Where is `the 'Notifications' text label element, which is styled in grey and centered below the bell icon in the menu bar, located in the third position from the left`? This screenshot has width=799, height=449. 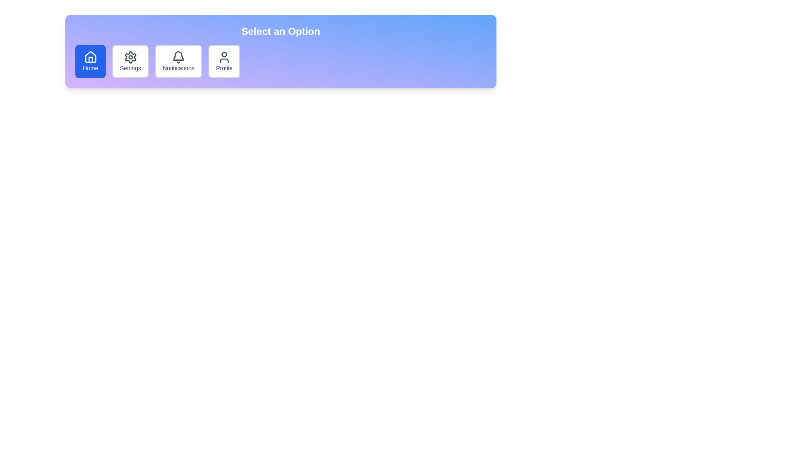
the 'Notifications' text label element, which is styled in grey and centered below the bell icon in the menu bar, located in the third position from the left is located at coordinates (178, 68).